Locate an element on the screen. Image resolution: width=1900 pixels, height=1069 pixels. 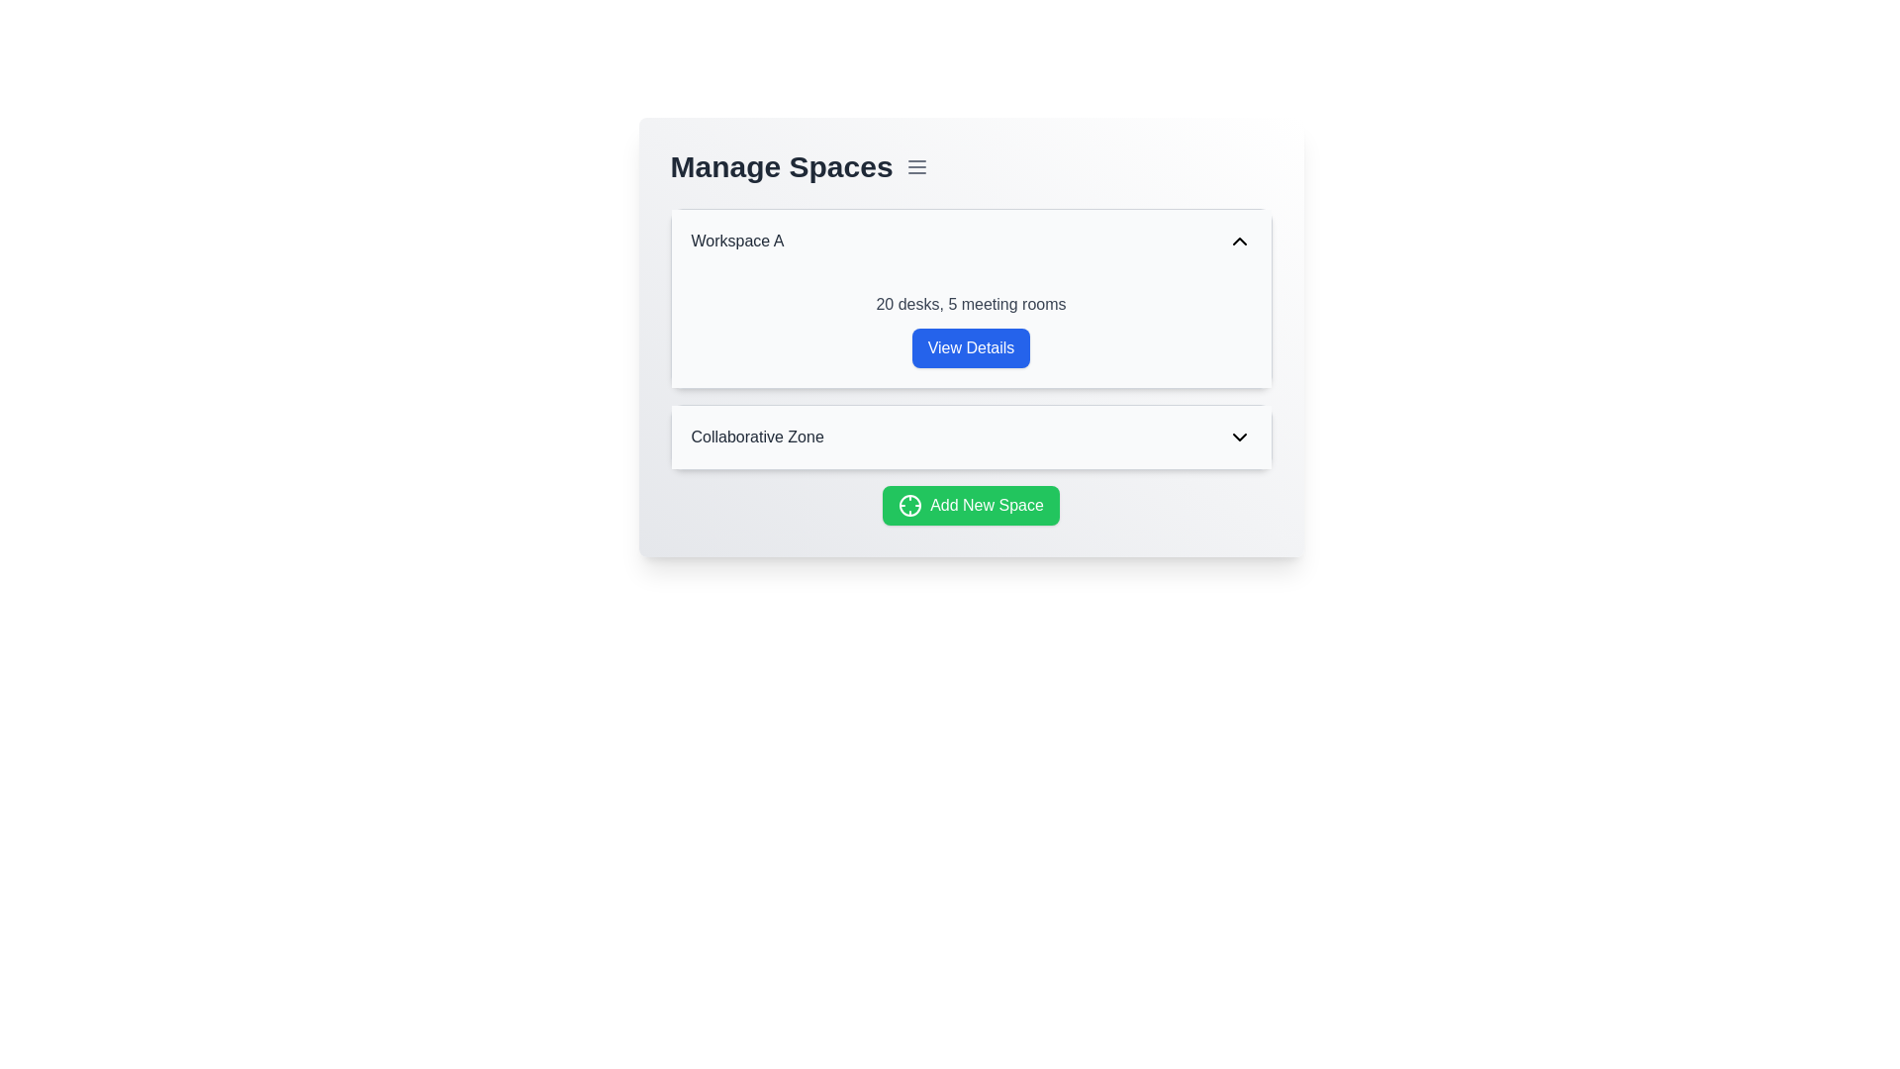
the chevron-down icon located on the far-right edge of the 'Collaborative Zone' button to trigger the display of additional details or options is located at coordinates (1238, 437).